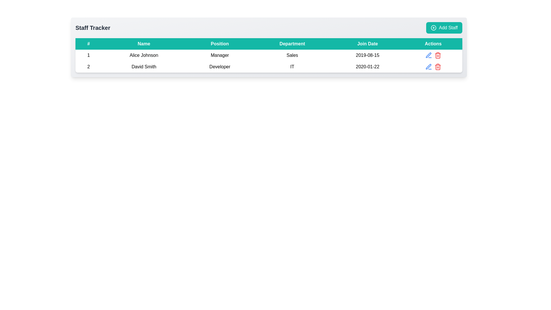 The width and height of the screenshot is (551, 310). Describe the element at coordinates (220, 44) in the screenshot. I see `the 'Position' table header, which is the third column header between 'Name' and 'Department'` at that location.